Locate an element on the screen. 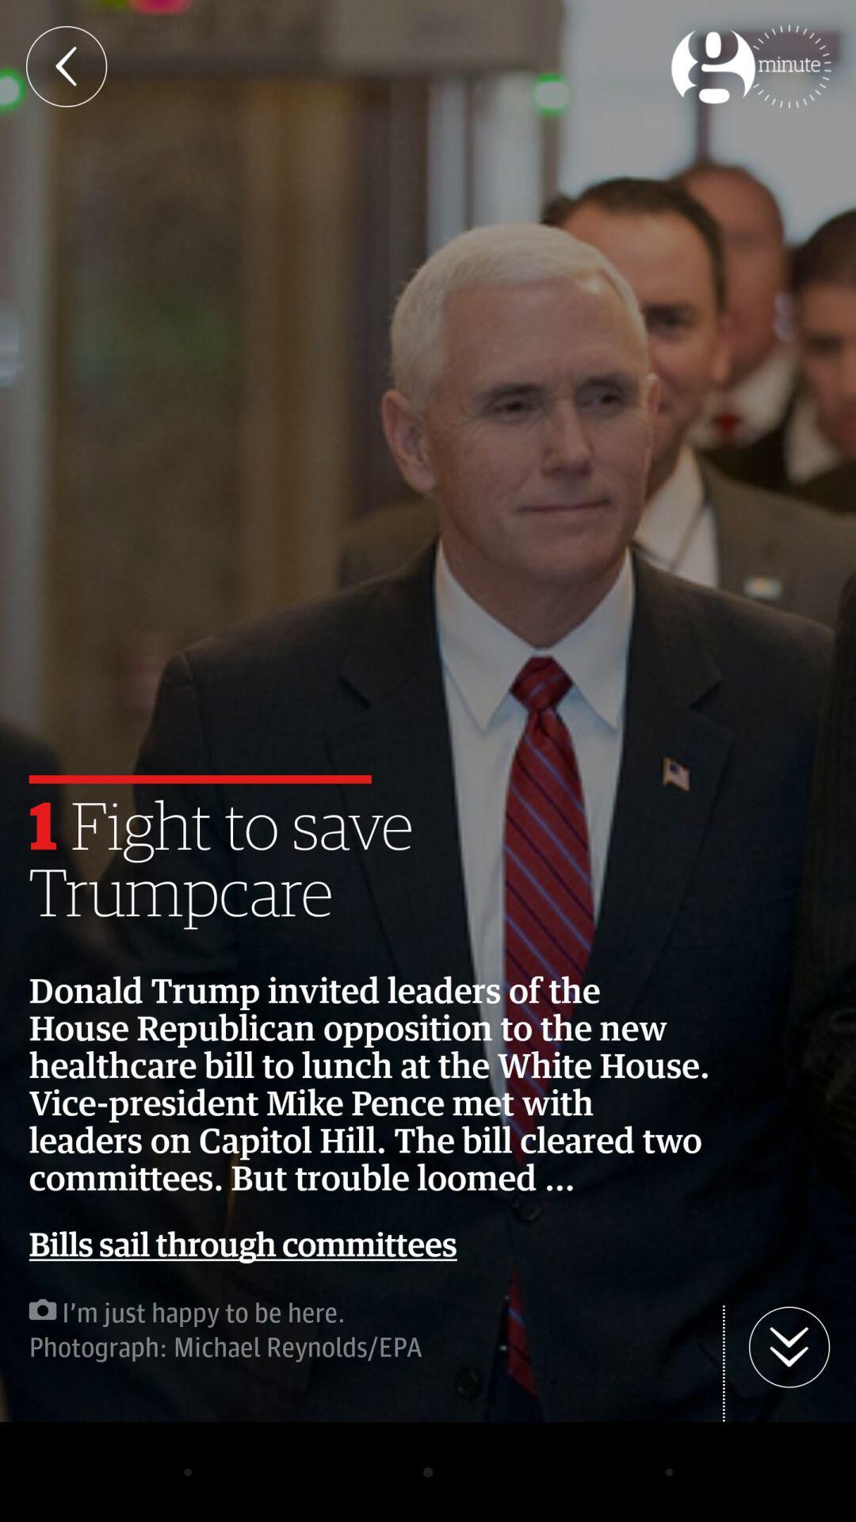 The height and width of the screenshot is (1522, 856). the arrow_backward icon is located at coordinates (66, 65).